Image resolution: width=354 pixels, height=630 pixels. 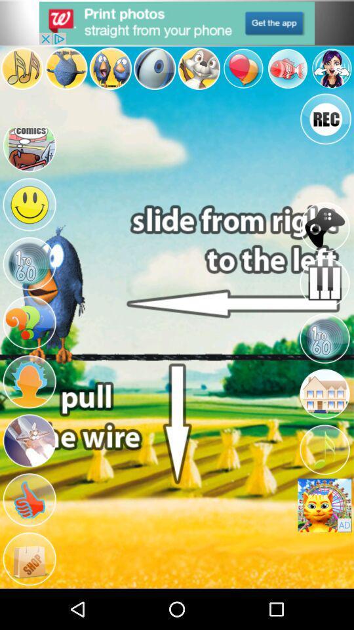 What do you see at coordinates (29, 232) in the screenshot?
I see `the emoji icon` at bounding box center [29, 232].